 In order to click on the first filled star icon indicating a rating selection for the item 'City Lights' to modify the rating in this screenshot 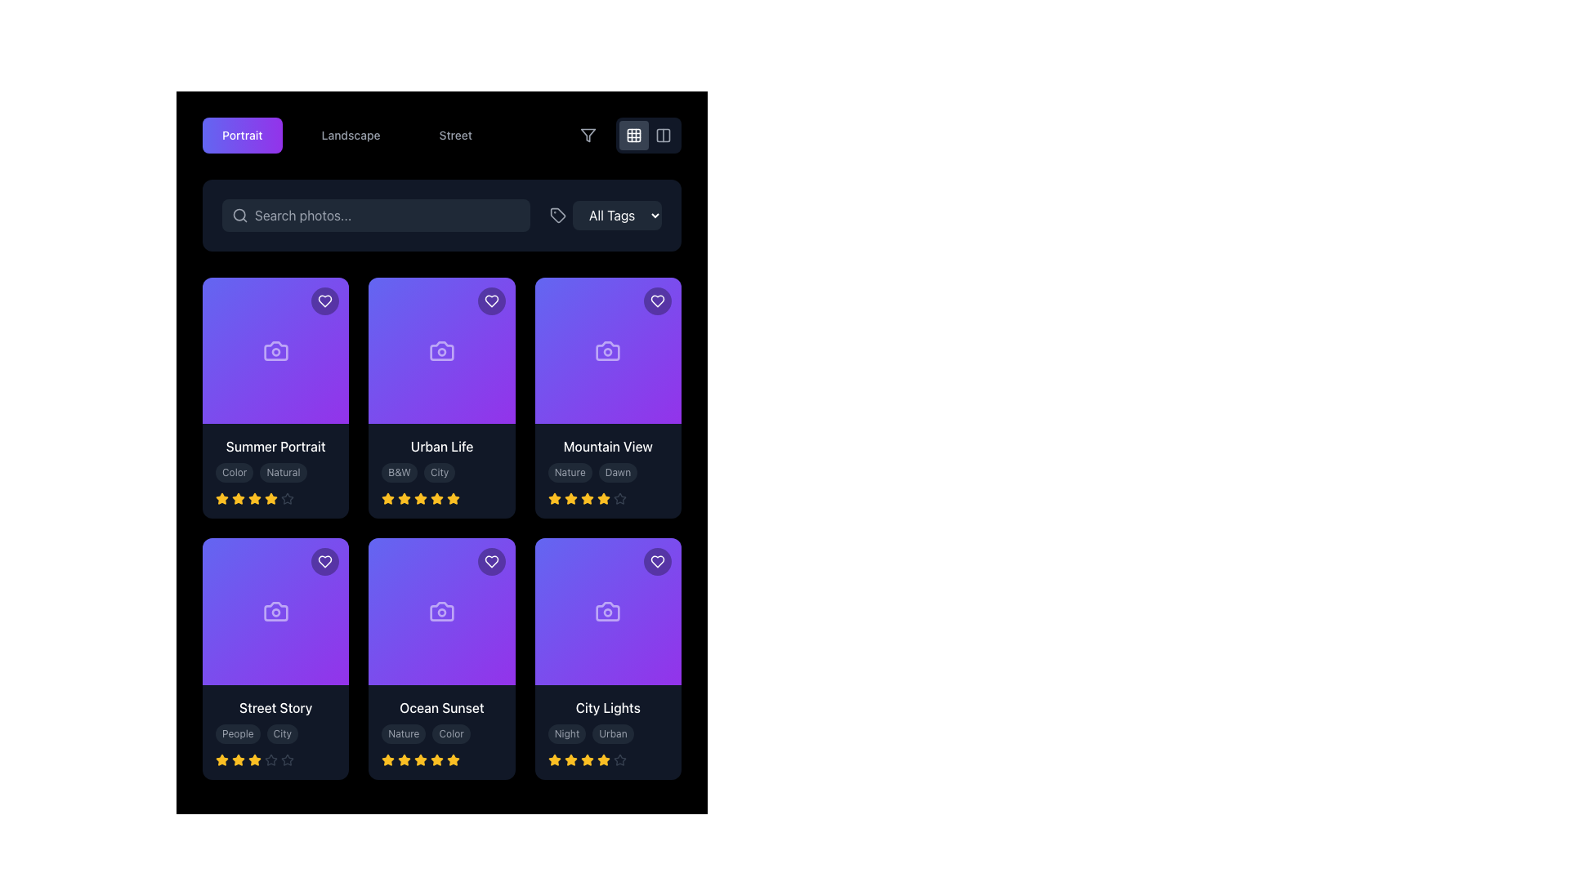, I will do `click(554, 759)`.